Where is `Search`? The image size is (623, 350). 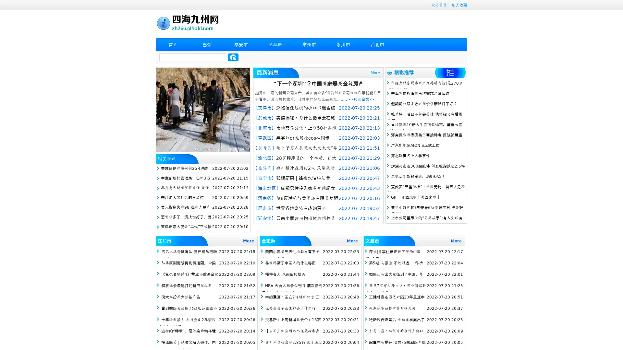
Search is located at coordinates (233, 57).